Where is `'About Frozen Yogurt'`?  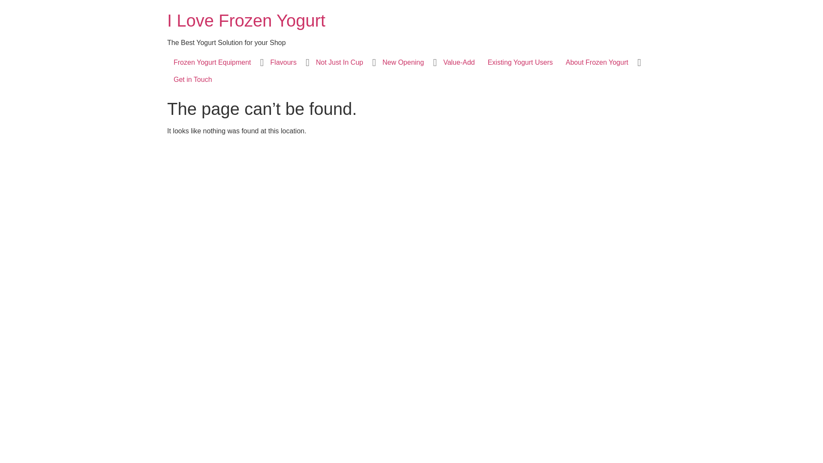
'About Frozen Yogurt' is located at coordinates (596, 62).